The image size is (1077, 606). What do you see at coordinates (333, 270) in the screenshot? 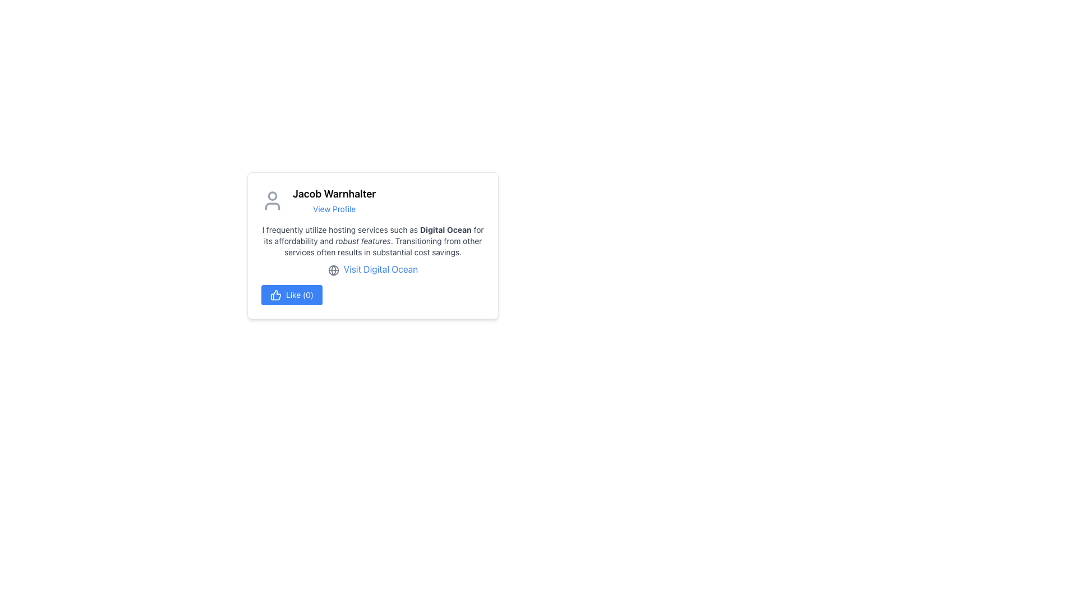
I see `the small globe icon with a circular outline and intersecting lines, which is positioned to the left of the text 'Visit Digital Ocean'` at bounding box center [333, 270].